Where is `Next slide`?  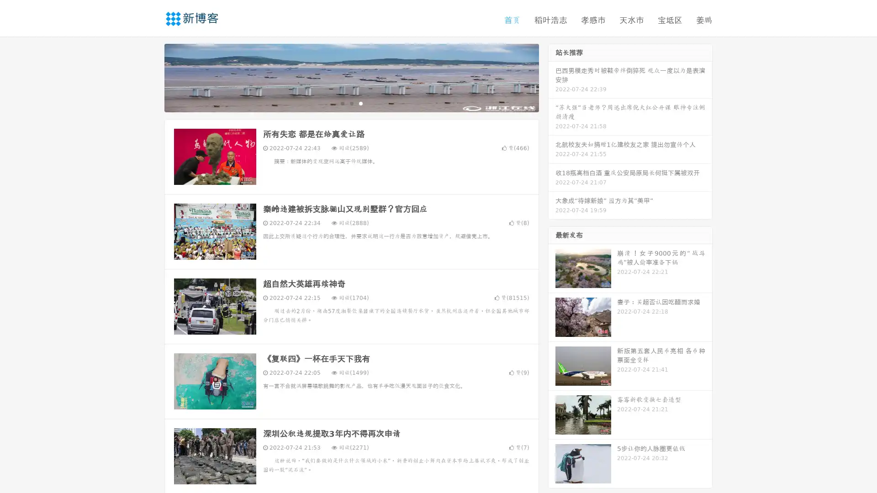
Next slide is located at coordinates (552, 77).